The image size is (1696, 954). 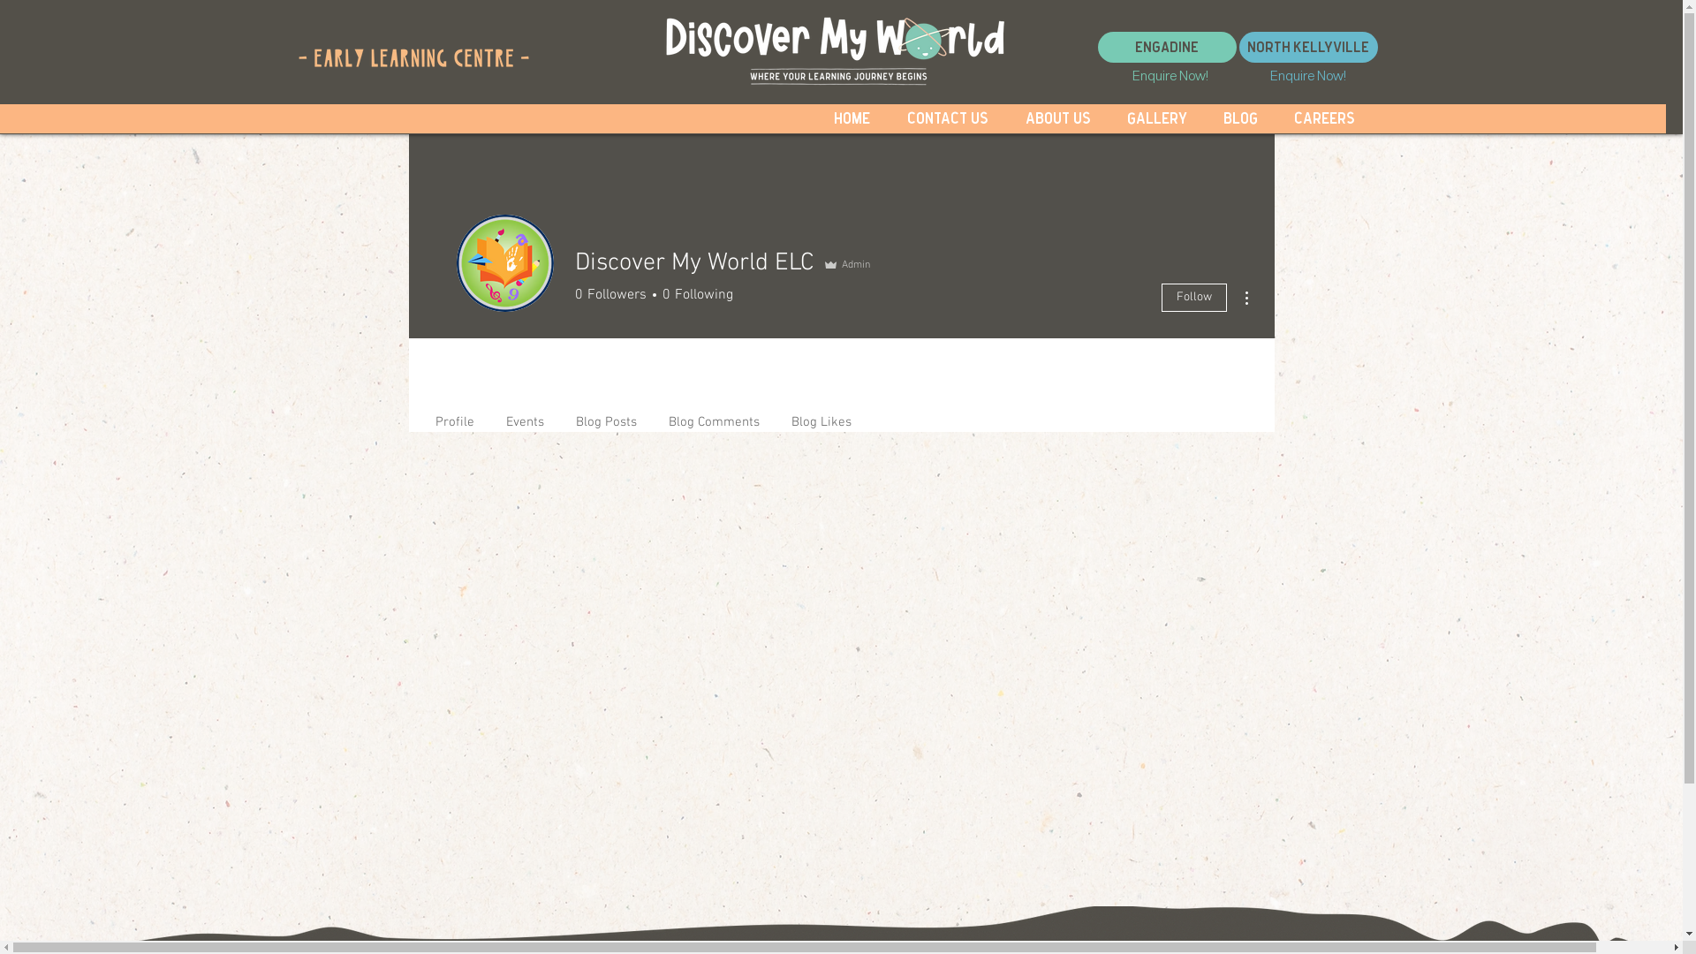 What do you see at coordinates (851, 119) in the screenshot?
I see `'Home'` at bounding box center [851, 119].